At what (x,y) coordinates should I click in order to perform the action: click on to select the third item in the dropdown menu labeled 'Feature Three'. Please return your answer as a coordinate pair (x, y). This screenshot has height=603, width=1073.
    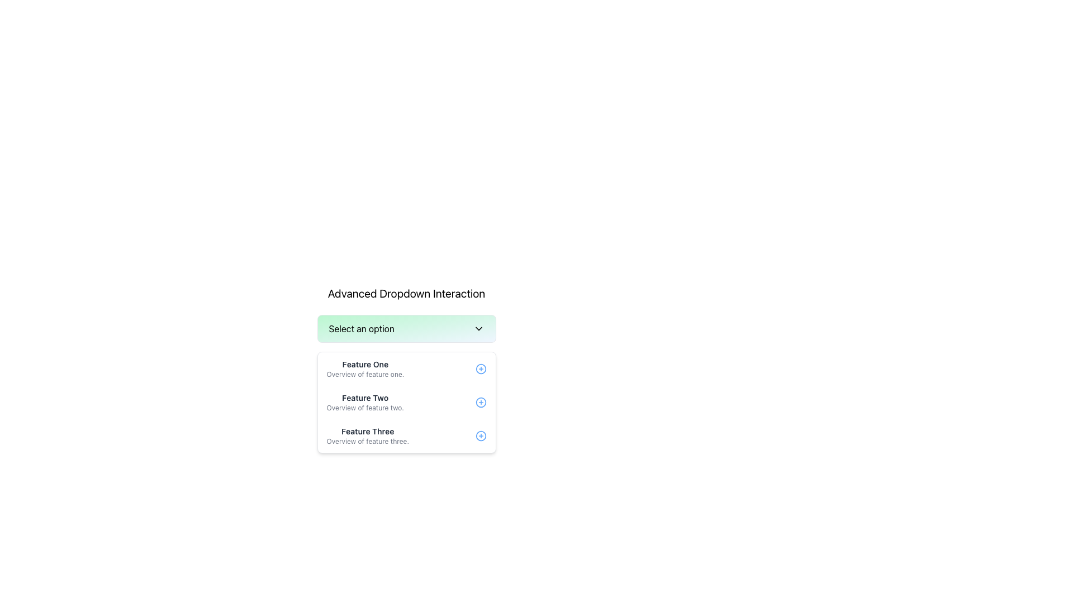
    Looking at the image, I should click on (406, 435).